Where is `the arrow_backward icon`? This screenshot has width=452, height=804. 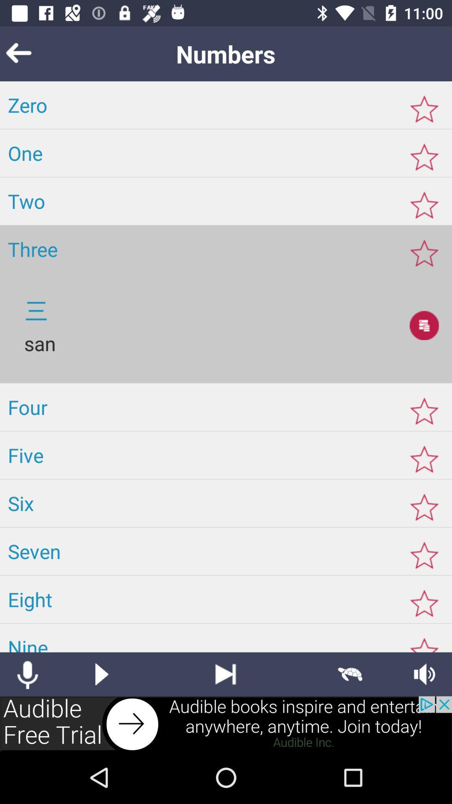
the arrow_backward icon is located at coordinates (31, 53).